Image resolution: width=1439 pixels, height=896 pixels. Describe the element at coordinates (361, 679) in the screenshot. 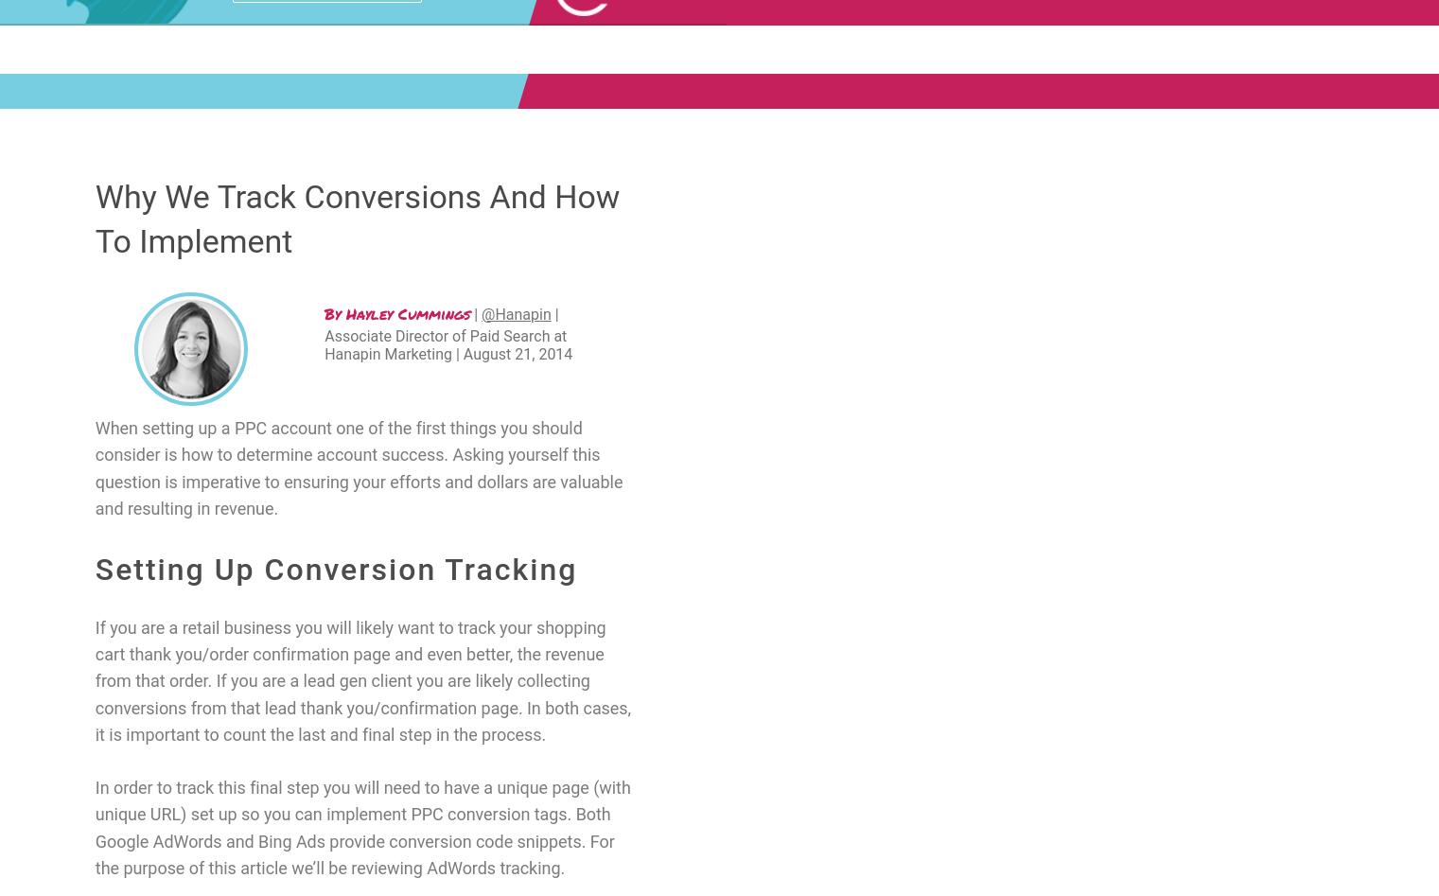

I see `'If you are a retail business you will likely want to track your shopping cart thank you/order confirmation page and even better, the revenue from that order. If you are a lead gen client you are likely collecting conversions from that lead thank you/confirmation page. In both cases, it is important to count the last and final step in the process.'` at that location.